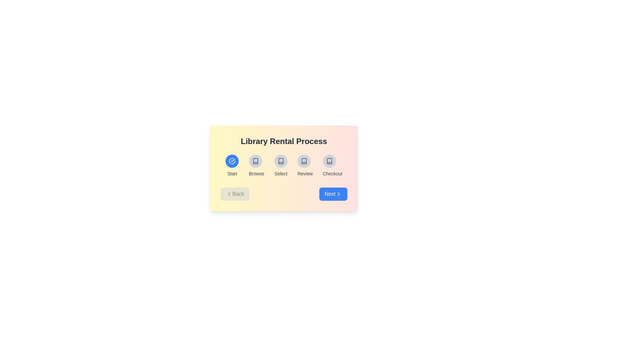 The height and width of the screenshot is (356, 634). What do you see at coordinates (281, 161) in the screenshot?
I see `the icon representing the Select stage` at bounding box center [281, 161].